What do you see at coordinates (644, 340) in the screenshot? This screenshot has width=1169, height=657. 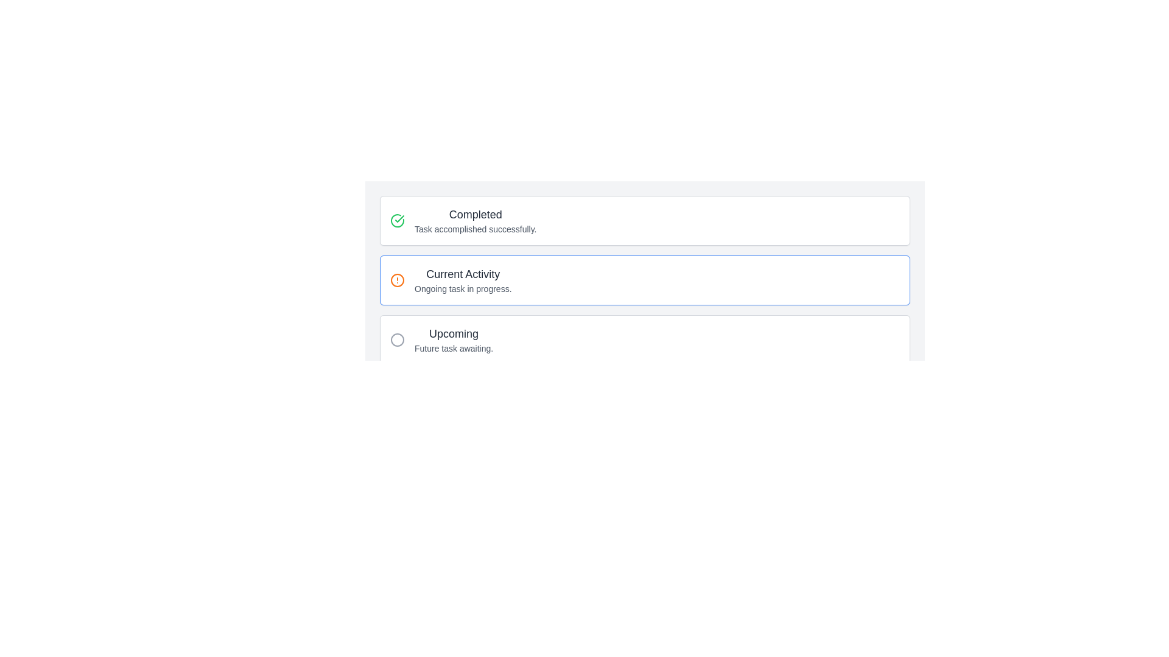 I see `the task category card located at the bottom of the vertical stack for more options` at bounding box center [644, 340].